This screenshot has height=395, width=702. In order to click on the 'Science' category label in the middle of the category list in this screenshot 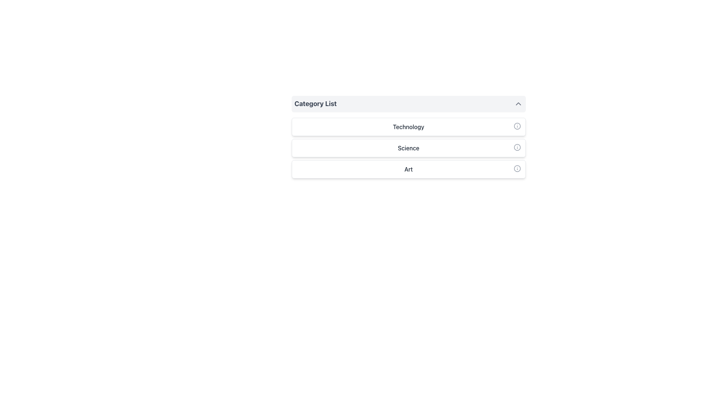, I will do `click(408, 148)`.